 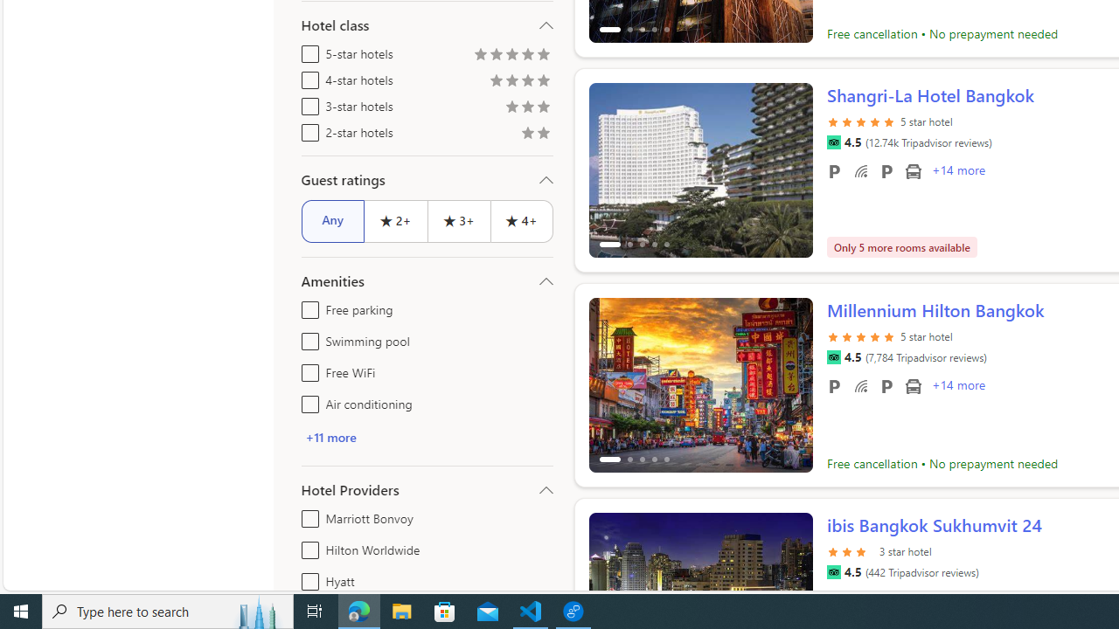 What do you see at coordinates (832, 572) in the screenshot?
I see `'Tripadvisor'` at bounding box center [832, 572].